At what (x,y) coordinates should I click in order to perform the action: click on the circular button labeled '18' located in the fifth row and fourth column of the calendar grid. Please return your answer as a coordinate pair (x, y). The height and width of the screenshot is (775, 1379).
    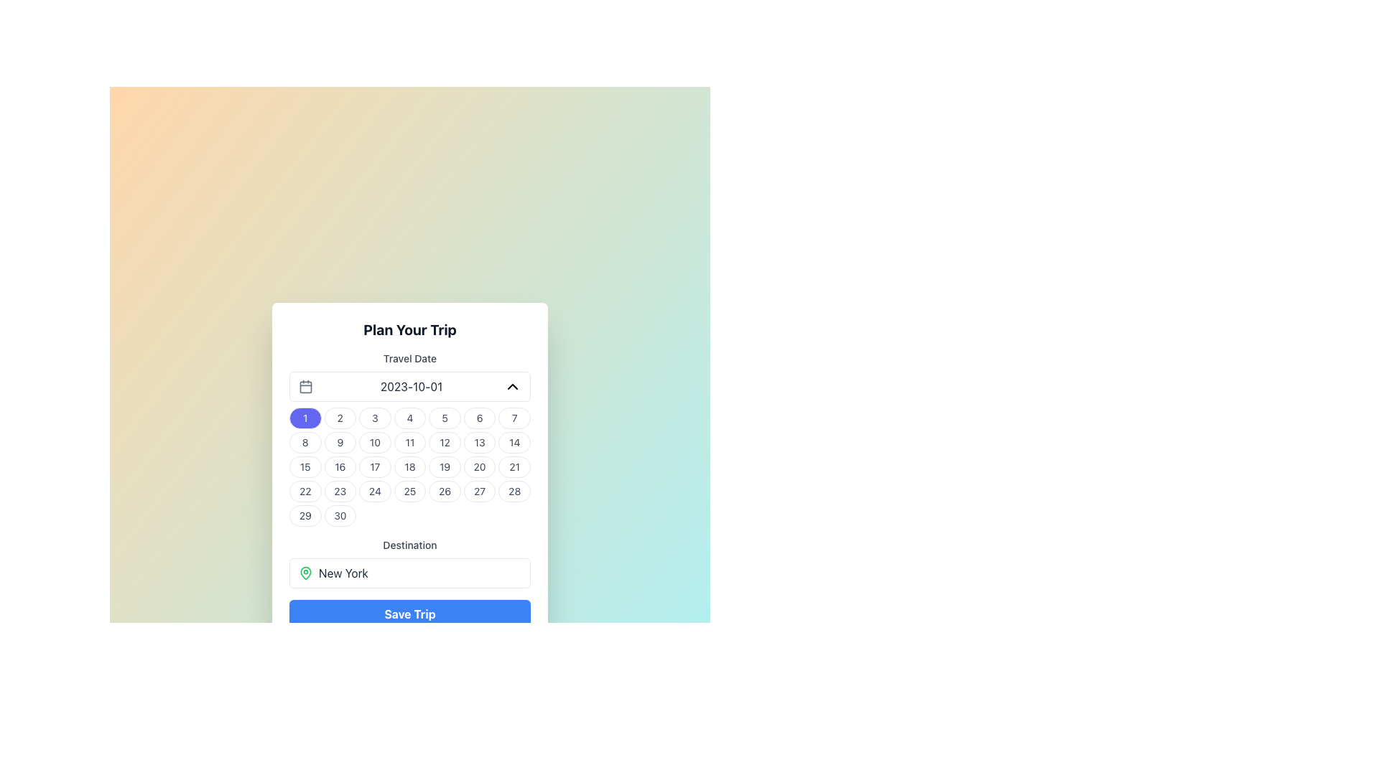
    Looking at the image, I should click on (409, 467).